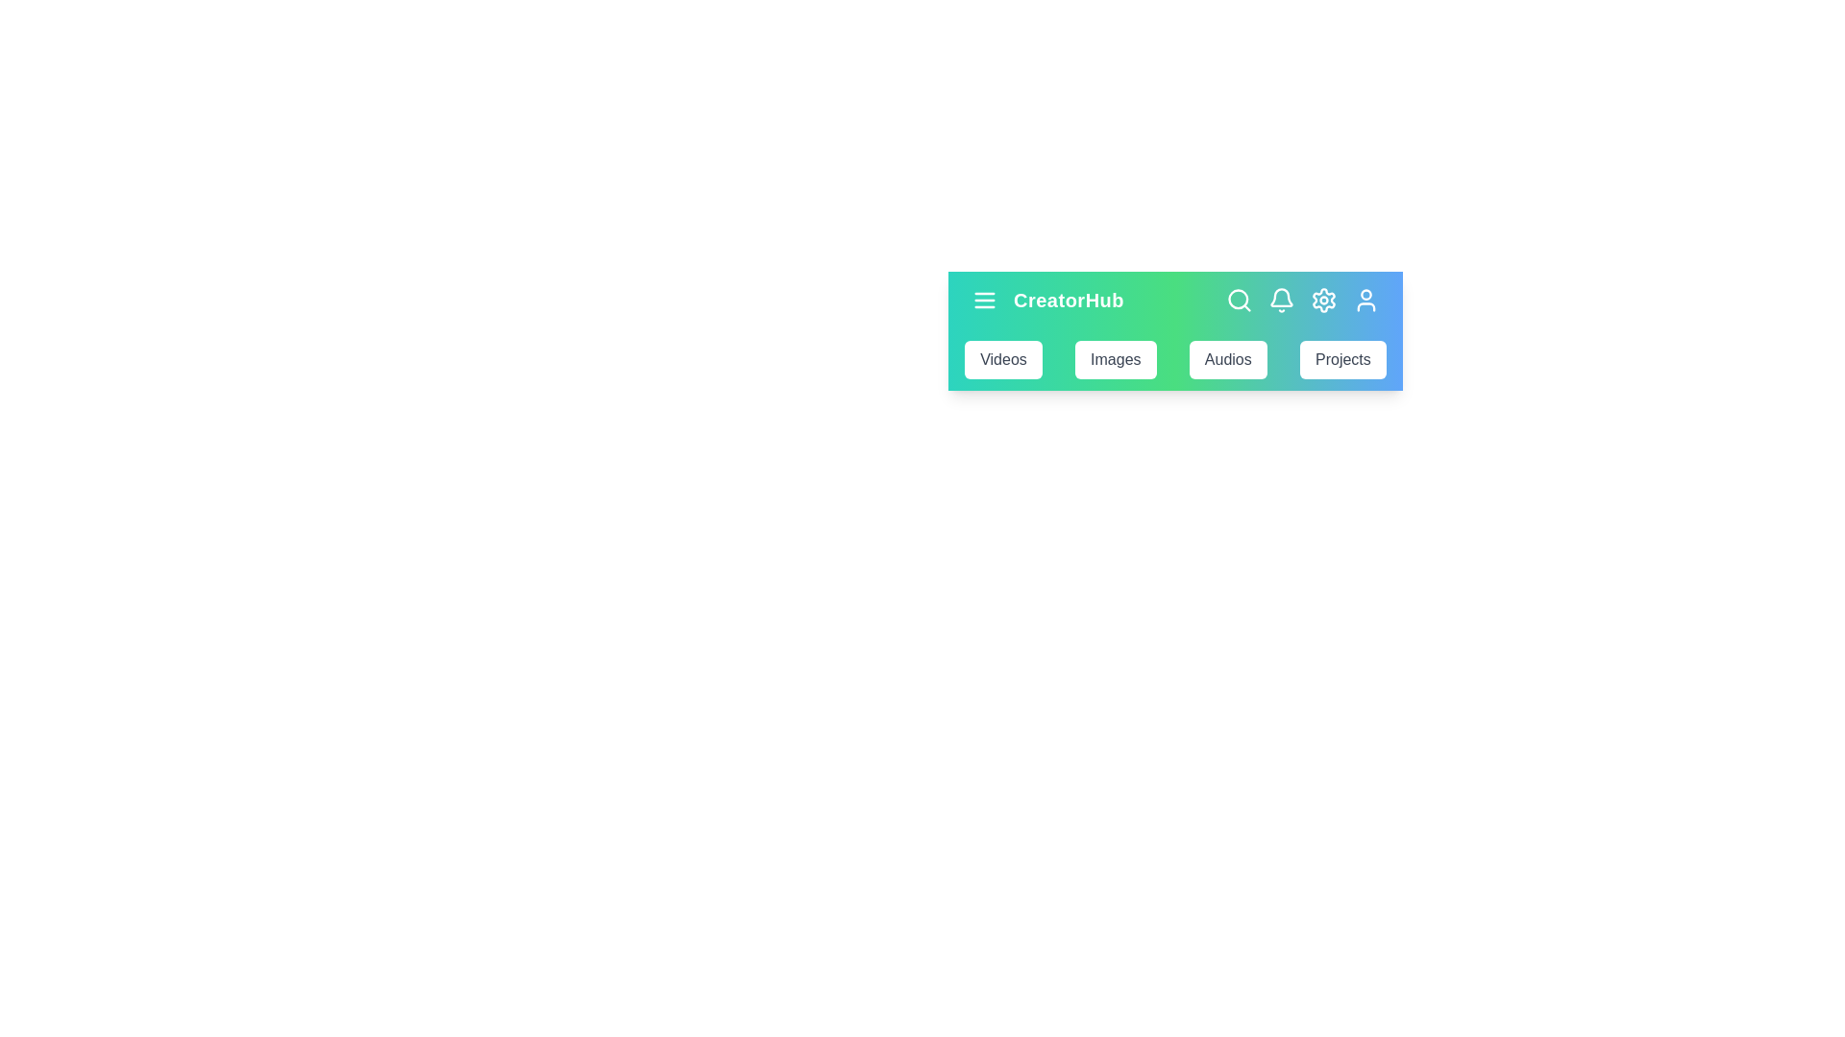 This screenshot has width=1845, height=1037. Describe the element at coordinates (1226, 359) in the screenshot. I see `the Audios button to navigate to the respective section` at that location.